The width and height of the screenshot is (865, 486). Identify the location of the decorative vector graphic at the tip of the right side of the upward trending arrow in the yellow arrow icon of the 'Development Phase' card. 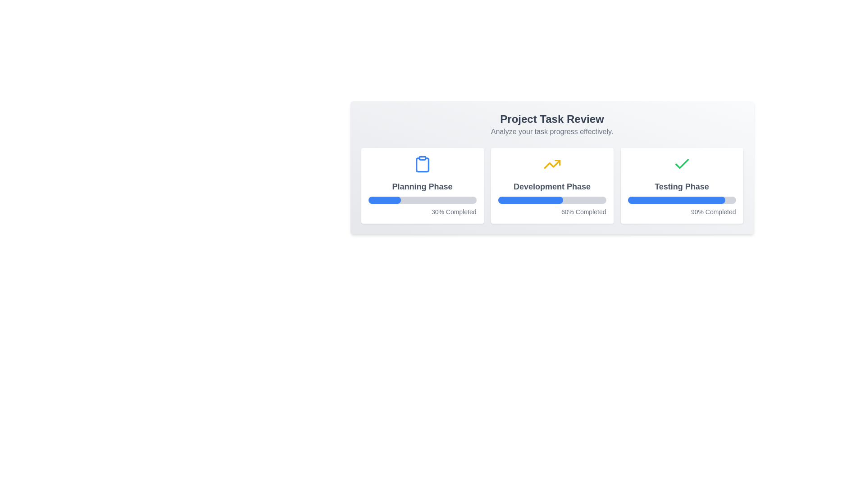
(557, 162).